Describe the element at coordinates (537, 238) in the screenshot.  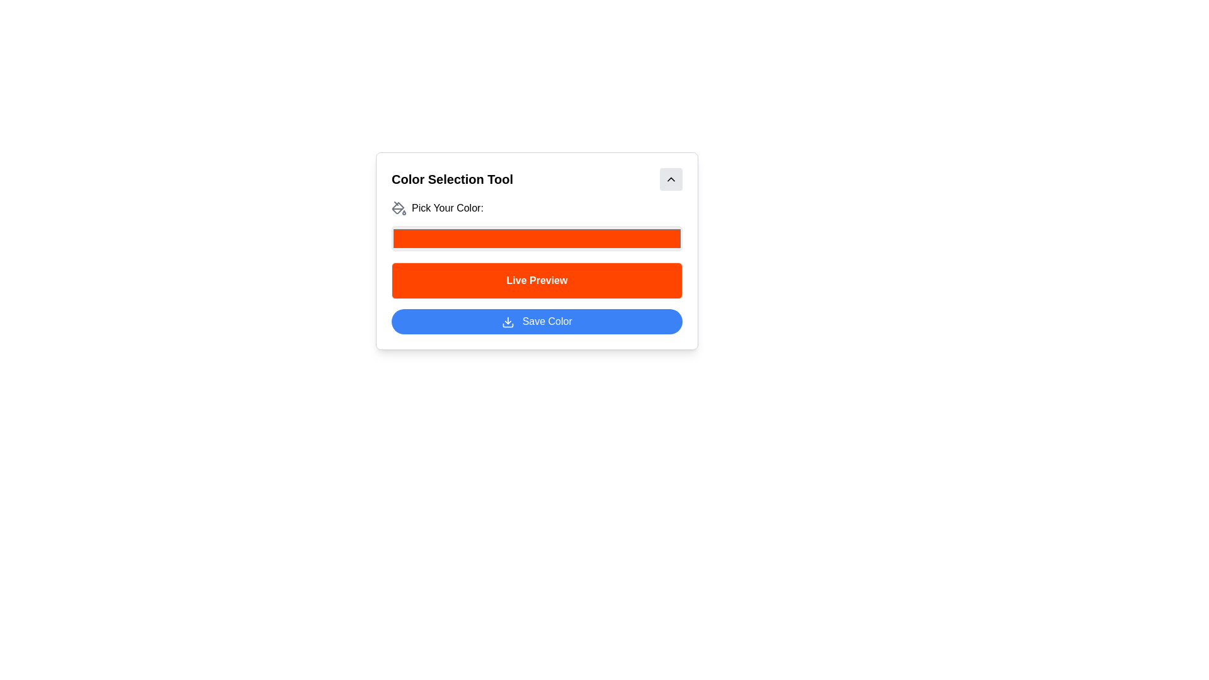
I see `the Color picker input located in the 'Pick Your Color' section, which is styled as a horizontal rectangular input box with a solid orange background` at that location.